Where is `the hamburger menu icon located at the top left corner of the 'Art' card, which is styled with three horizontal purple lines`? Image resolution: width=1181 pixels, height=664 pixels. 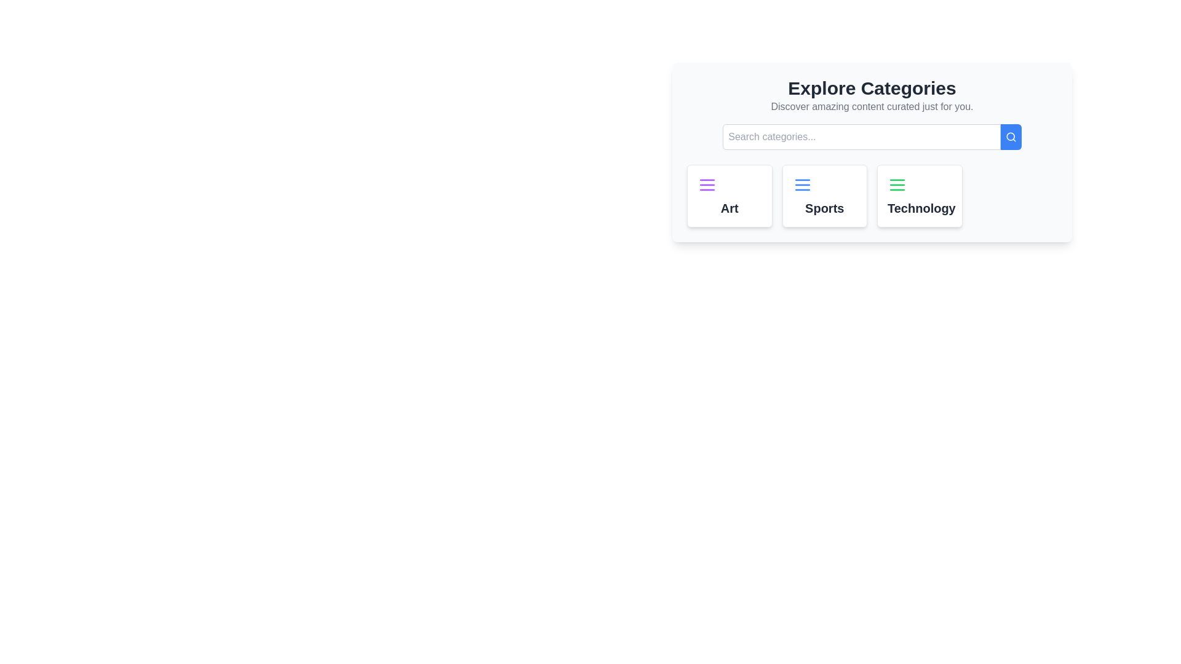
the hamburger menu icon located at the top left corner of the 'Art' card, which is styled with three horizontal purple lines is located at coordinates (707, 184).